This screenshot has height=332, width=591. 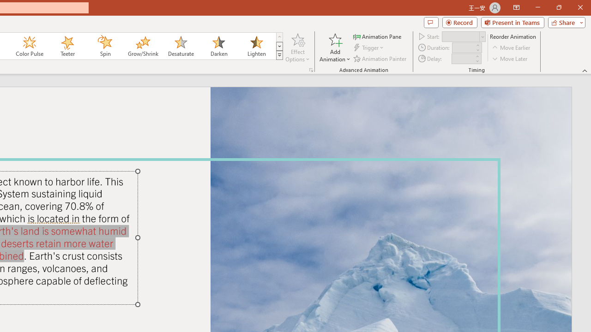 What do you see at coordinates (142, 46) in the screenshot?
I see `'Grow/Shrink'` at bounding box center [142, 46].